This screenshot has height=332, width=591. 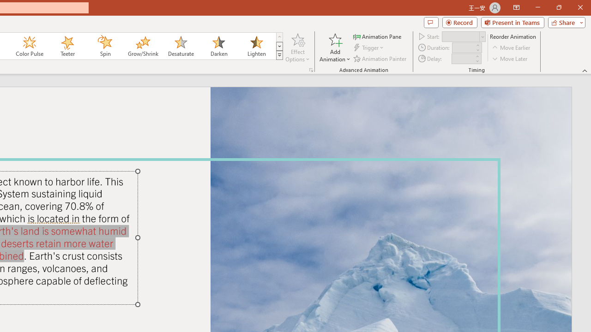 What do you see at coordinates (142, 46) in the screenshot?
I see `'Grow/Shrink'` at bounding box center [142, 46].